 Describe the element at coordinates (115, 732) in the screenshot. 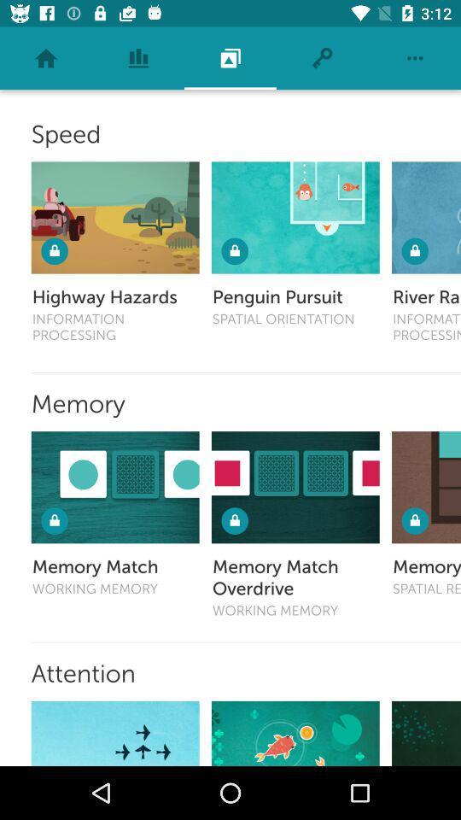

I see `option` at that location.